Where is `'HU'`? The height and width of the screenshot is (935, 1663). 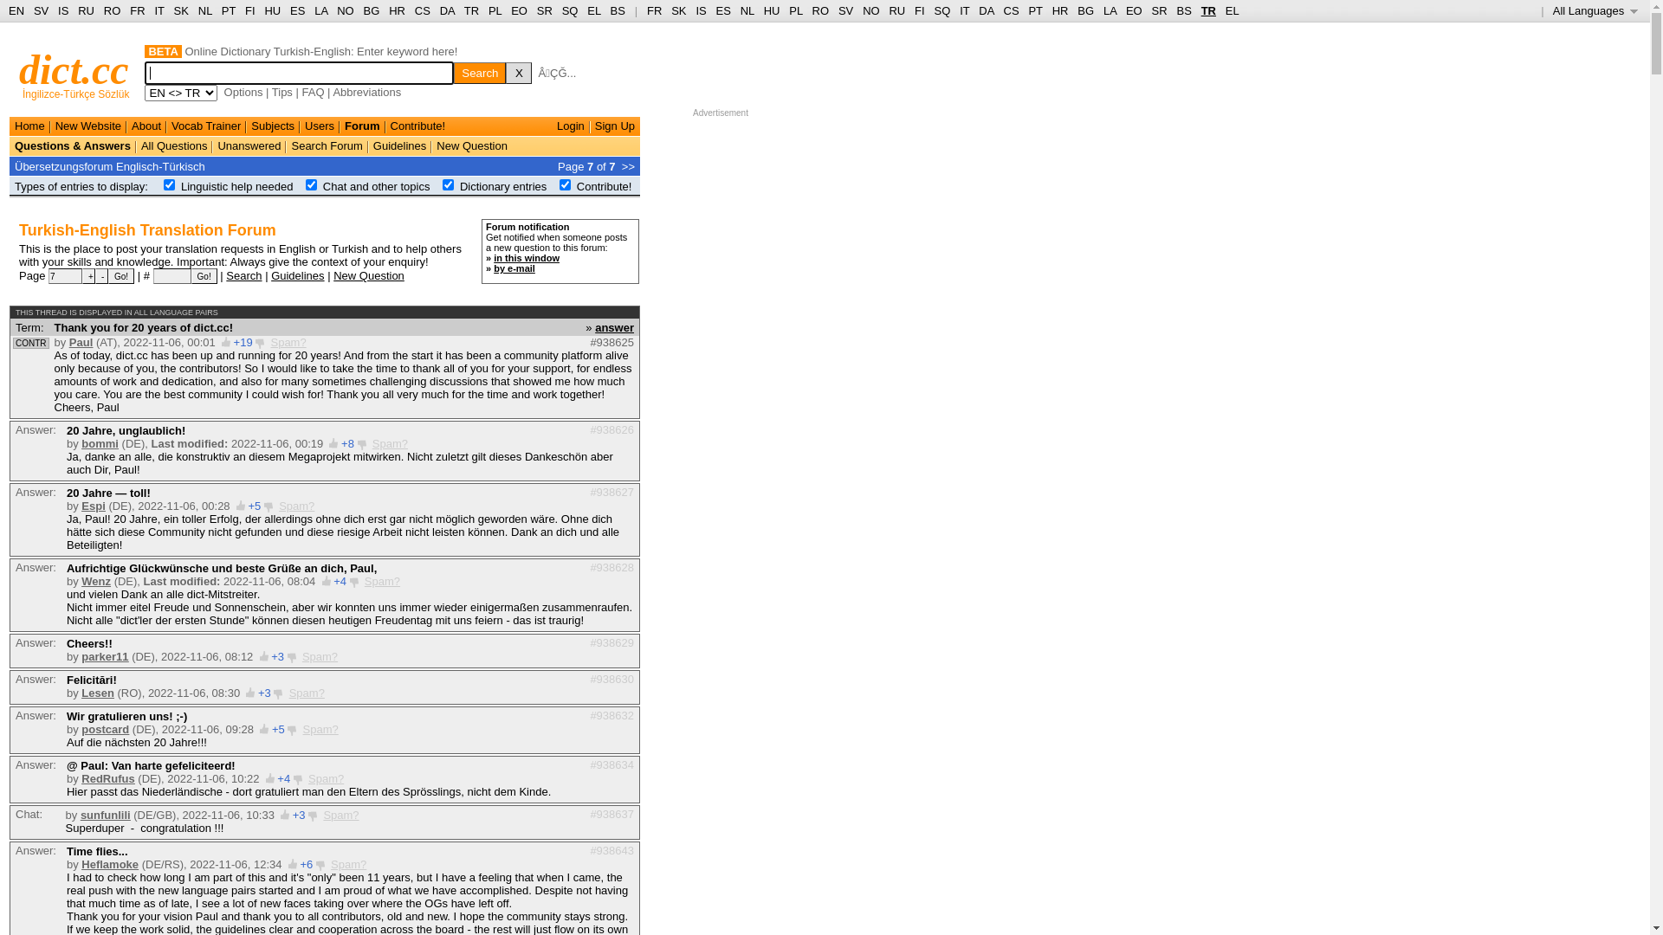 'HU' is located at coordinates (771, 10).